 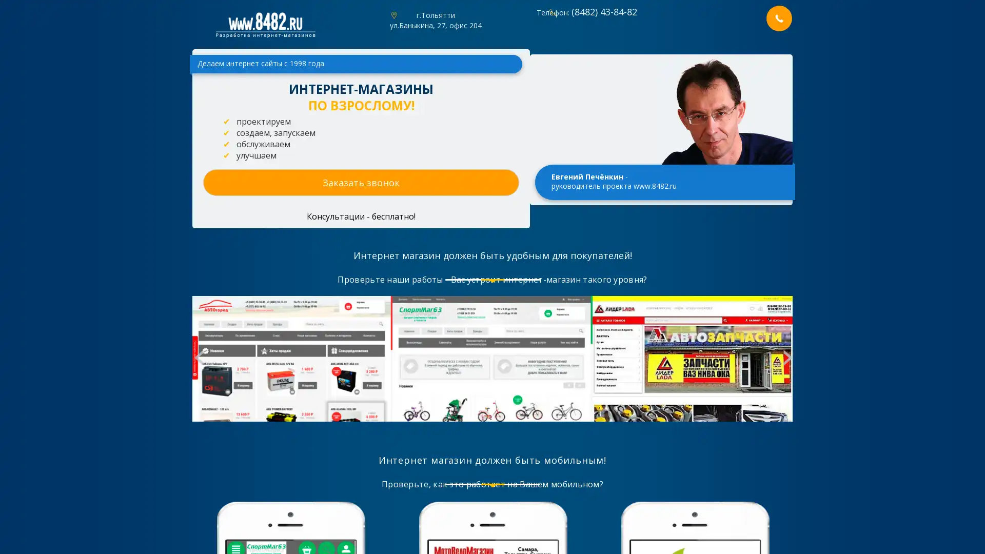 I want to click on Previous, so click(x=199, y=359).